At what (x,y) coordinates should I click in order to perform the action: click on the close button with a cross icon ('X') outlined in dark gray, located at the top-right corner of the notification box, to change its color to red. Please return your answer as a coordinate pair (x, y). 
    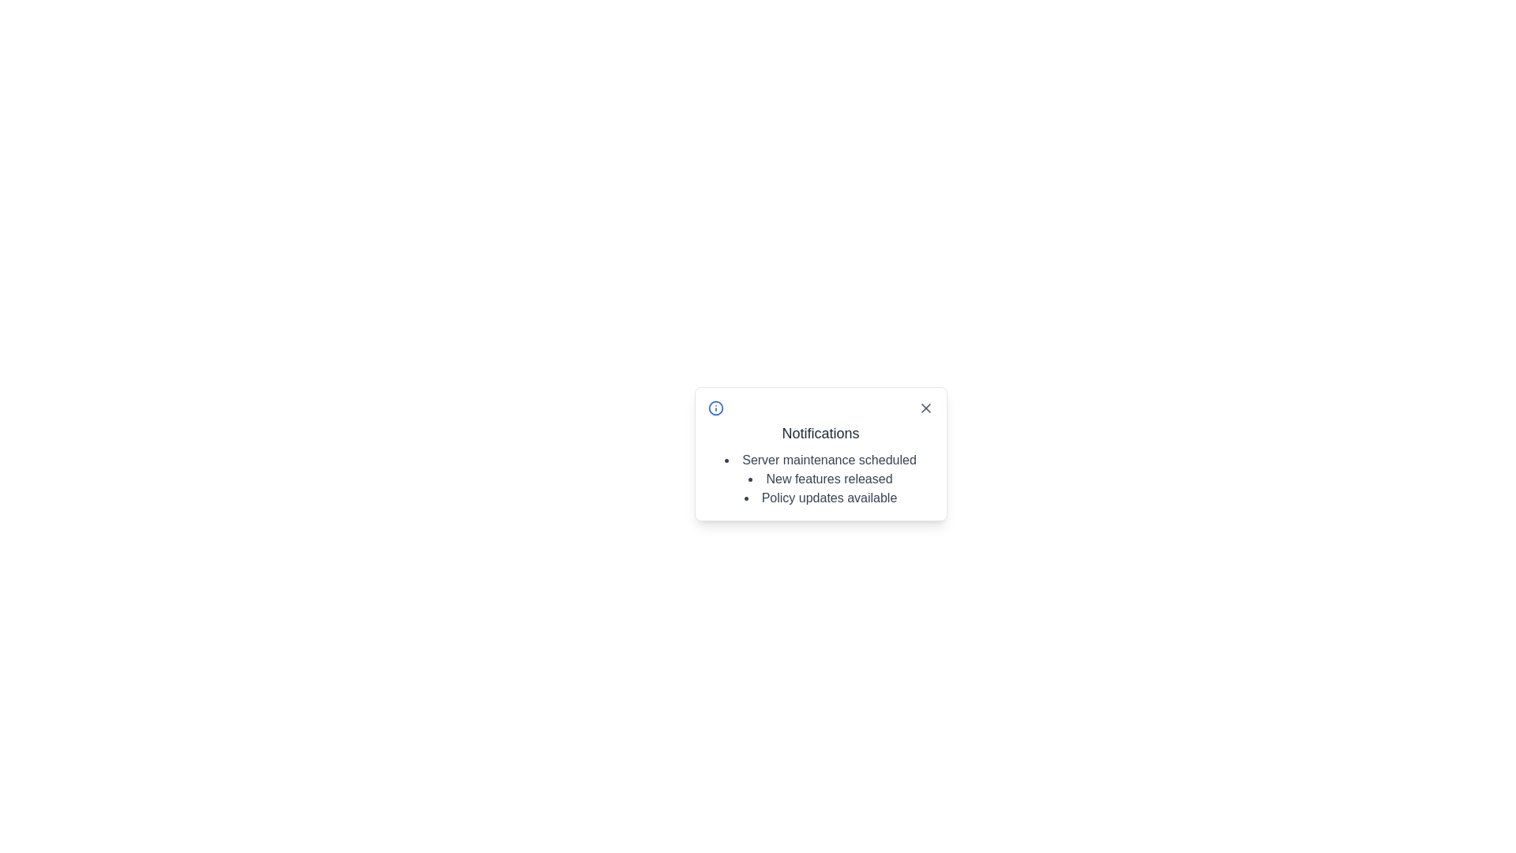
    Looking at the image, I should click on (925, 407).